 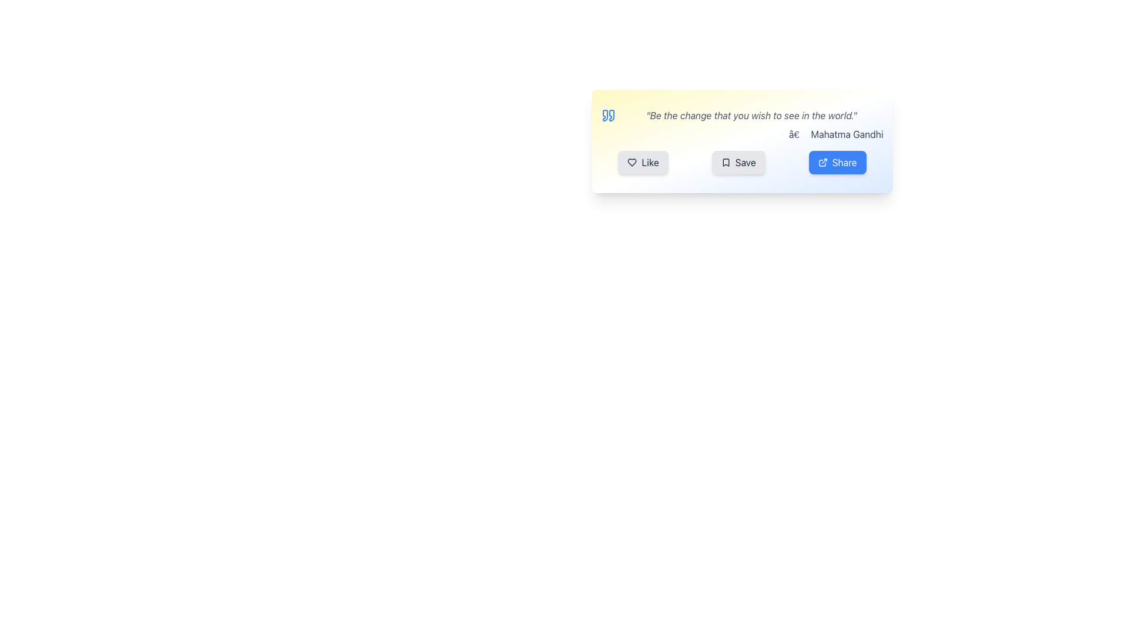 What do you see at coordinates (643, 163) in the screenshot?
I see `the 'Like' button, which is the first button in a row of vertically aligned buttons near the top left, to change its color` at bounding box center [643, 163].